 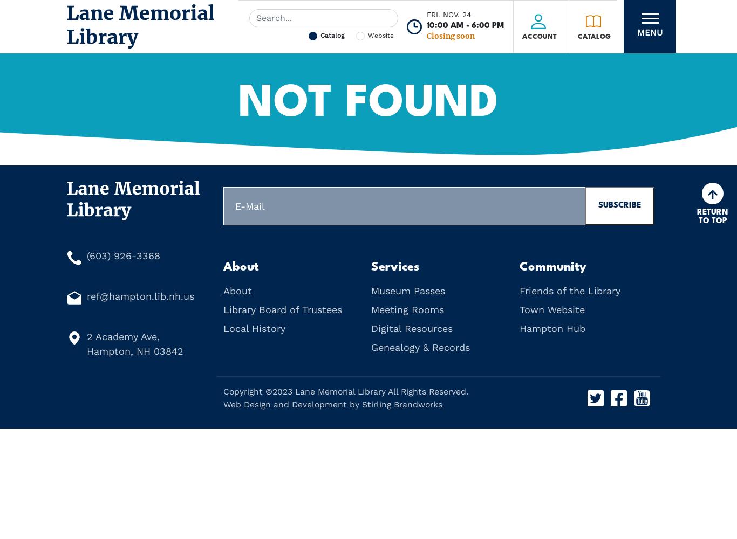 I want to click on 'Lane Memorial Library', so click(x=339, y=391).